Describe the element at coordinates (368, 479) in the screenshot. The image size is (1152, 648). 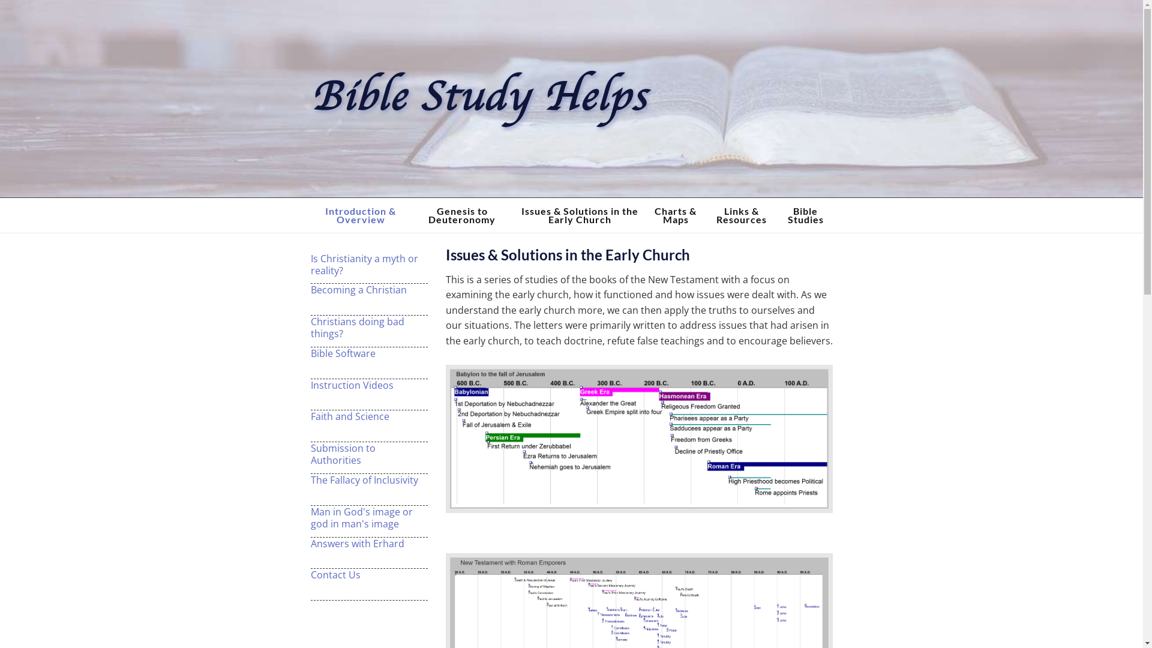
I see `'The Fallacy of Inclusivity'` at that location.